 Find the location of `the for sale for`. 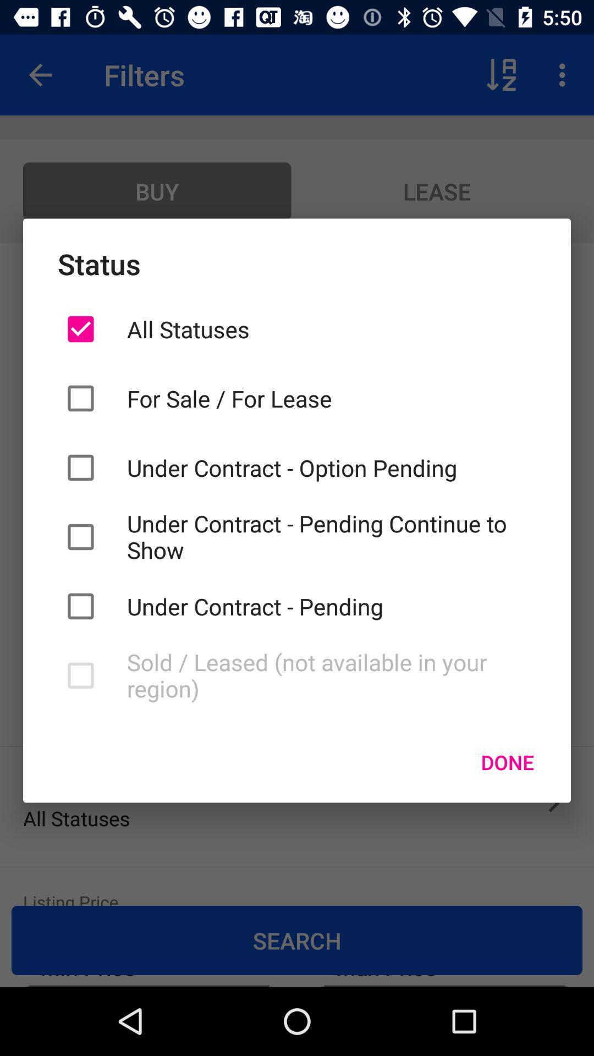

the for sale for is located at coordinates (331, 398).